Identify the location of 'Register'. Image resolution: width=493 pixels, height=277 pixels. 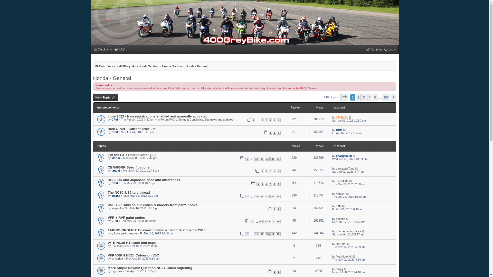
(374, 50).